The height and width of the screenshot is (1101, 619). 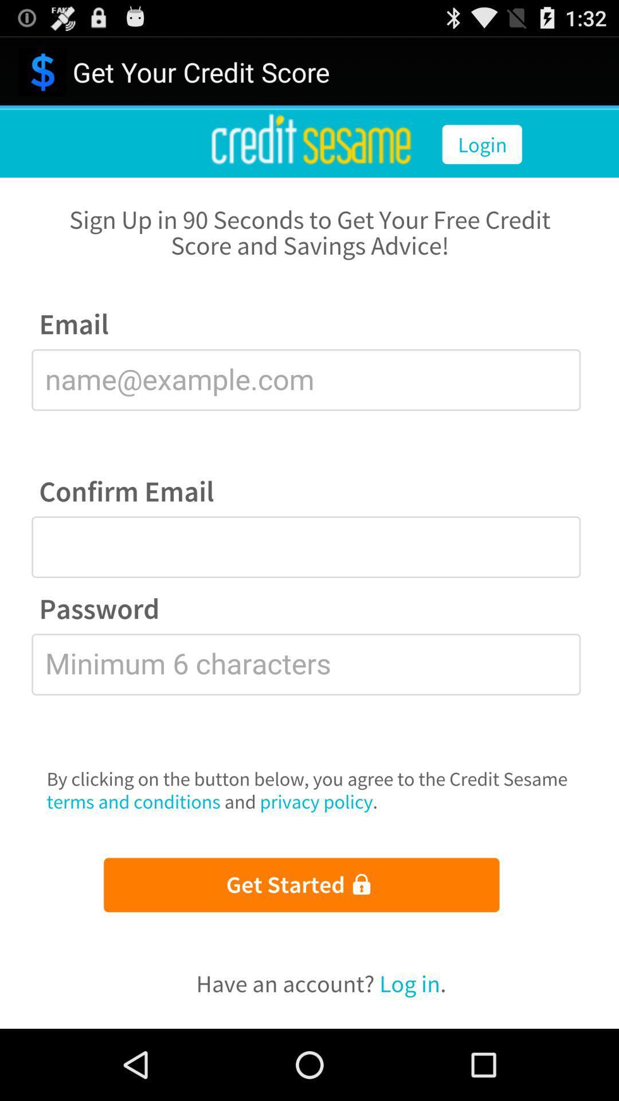 I want to click on total web page, so click(x=309, y=568).